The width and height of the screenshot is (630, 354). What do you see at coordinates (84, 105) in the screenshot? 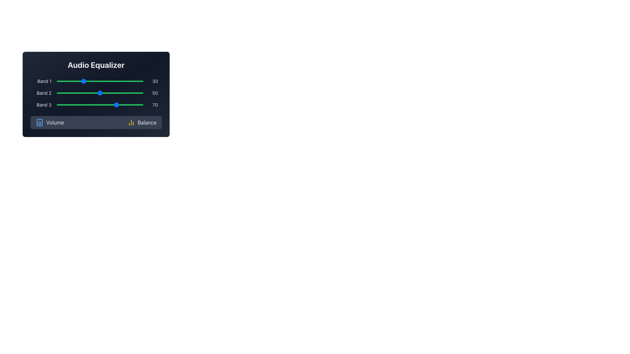
I see `Band 3` at bounding box center [84, 105].